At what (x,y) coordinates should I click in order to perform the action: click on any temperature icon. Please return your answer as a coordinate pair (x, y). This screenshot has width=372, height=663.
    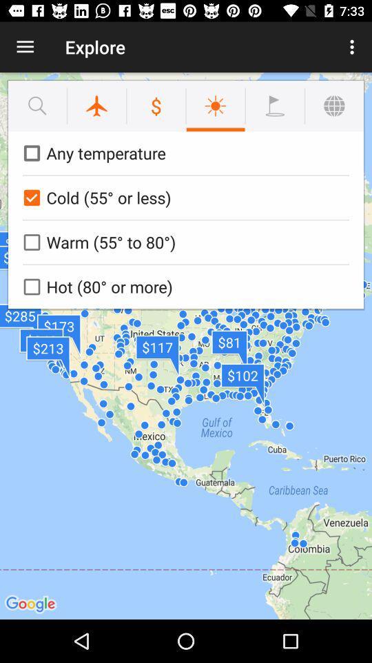
    Looking at the image, I should click on (183, 153).